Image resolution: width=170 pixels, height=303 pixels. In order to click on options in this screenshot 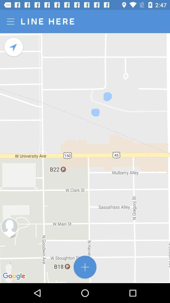, I will do `click(11, 21)`.